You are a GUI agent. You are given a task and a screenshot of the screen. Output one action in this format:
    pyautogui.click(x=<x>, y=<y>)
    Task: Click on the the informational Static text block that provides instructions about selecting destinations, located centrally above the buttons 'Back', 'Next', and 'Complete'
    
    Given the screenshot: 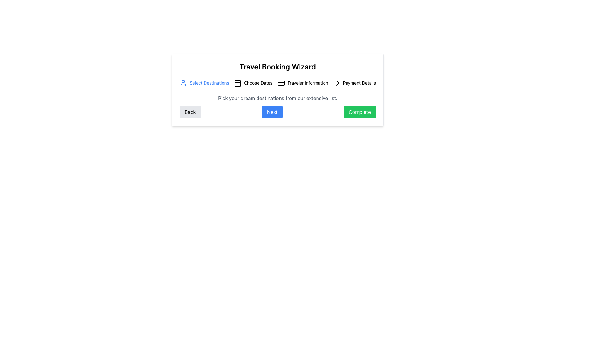 What is the action you would take?
    pyautogui.click(x=277, y=98)
    